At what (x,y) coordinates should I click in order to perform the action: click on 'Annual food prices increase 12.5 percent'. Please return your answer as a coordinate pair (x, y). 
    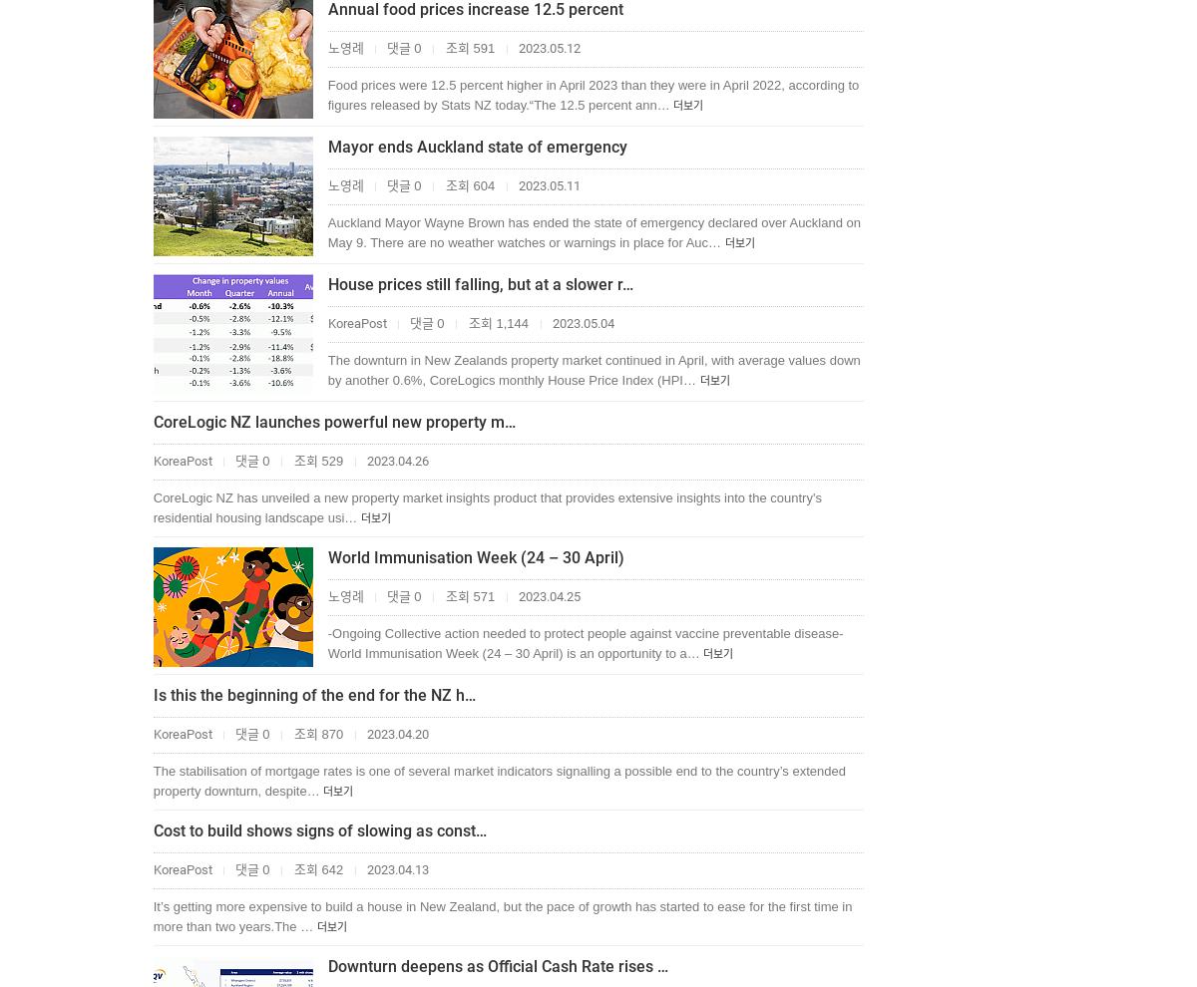
    Looking at the image, I should click on (474, 8).